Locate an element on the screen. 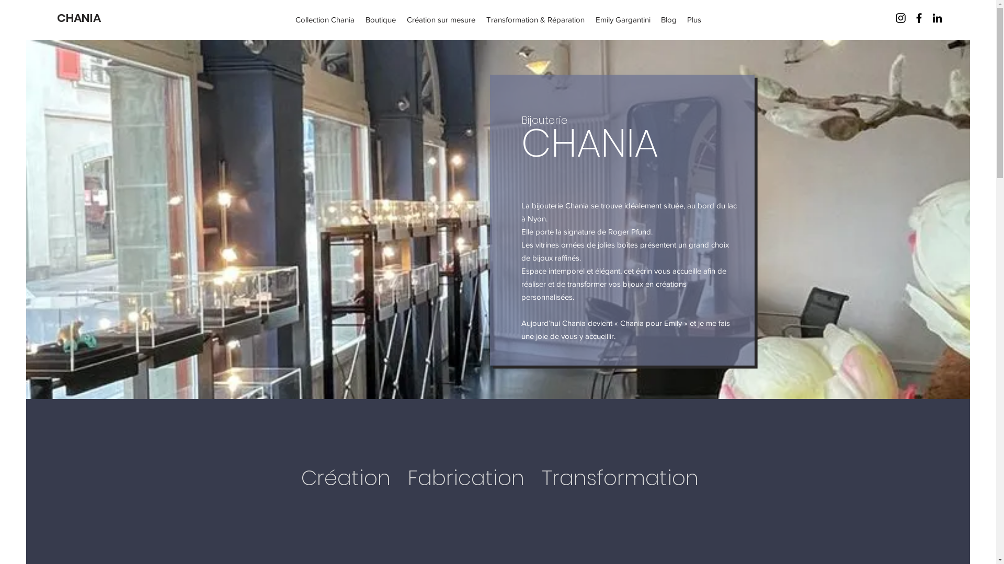 This screenshot has height=564, width=1004. 'Boutique' is located at coordinates (380, 19).